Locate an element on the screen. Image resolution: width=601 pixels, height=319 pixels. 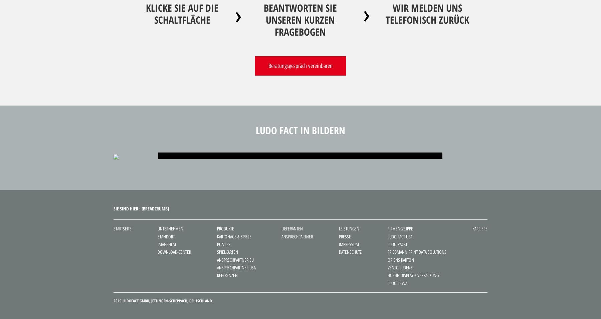
'Hoehn Display + Verpackung' is located at coordinates (413, 275).